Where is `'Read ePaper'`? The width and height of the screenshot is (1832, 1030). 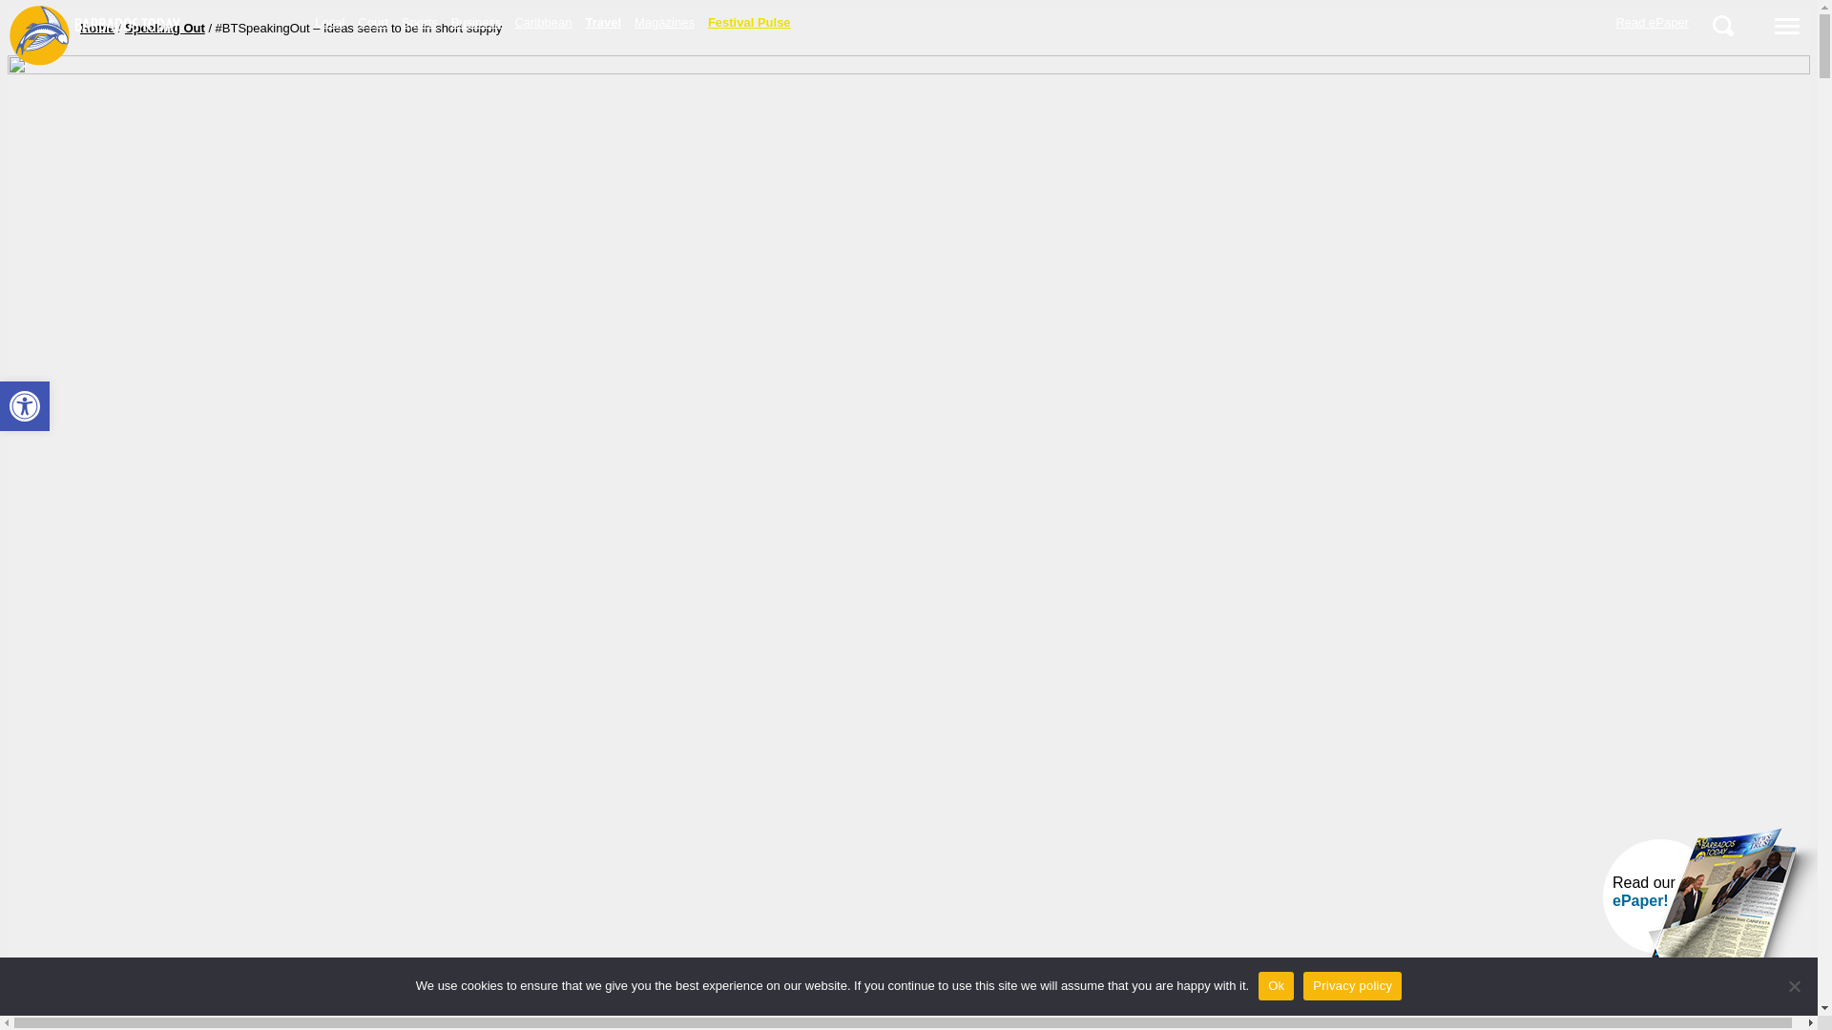
'Read ePaper' is located at coordinates (1651, 22).